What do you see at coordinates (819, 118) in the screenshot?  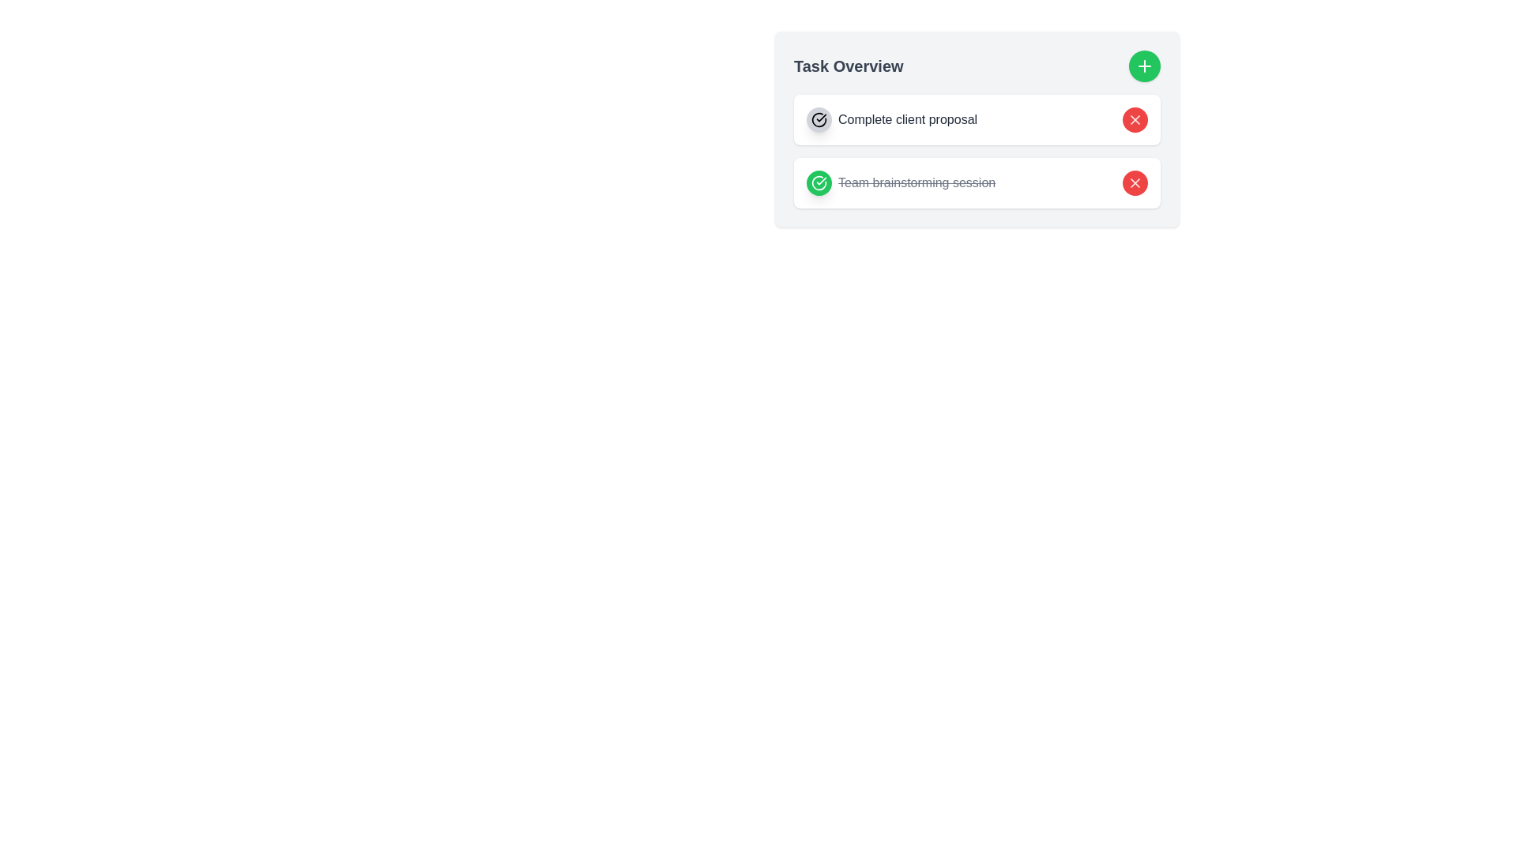 I see `the interactive completion indicator button located to the left of the text 'Complete client proposal' in the first row of the task list for visual feedback` at bounding box center [819, 118].